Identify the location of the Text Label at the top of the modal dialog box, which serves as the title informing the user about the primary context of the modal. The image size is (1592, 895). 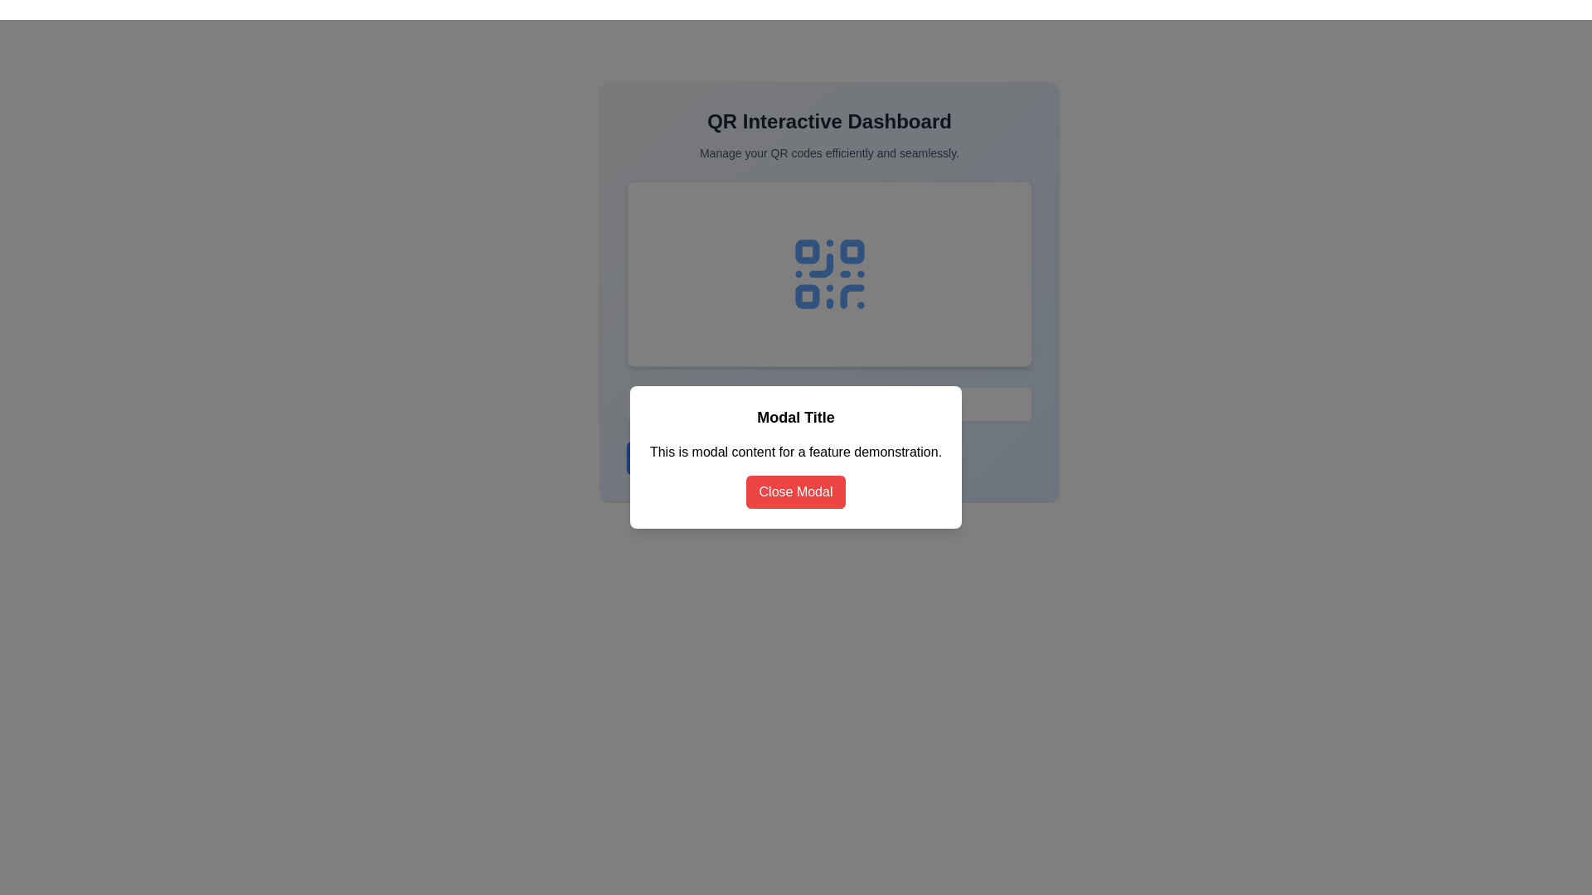
(796, 417).